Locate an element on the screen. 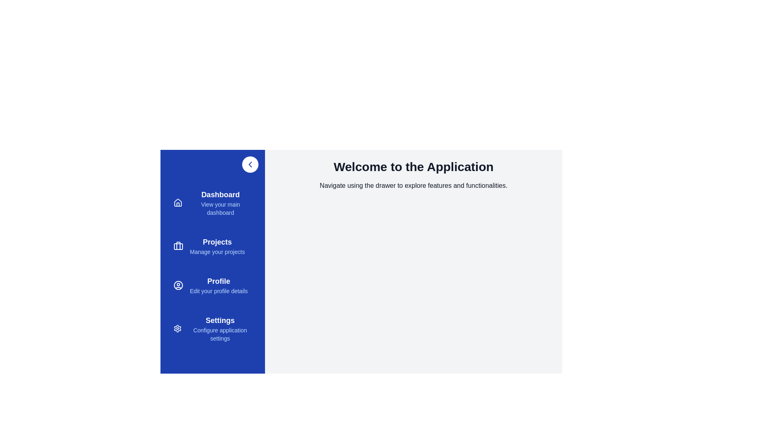 This screenshot has width=784, height=441. the menu item Projects from the sidebar is located at coordinates (213, 245).